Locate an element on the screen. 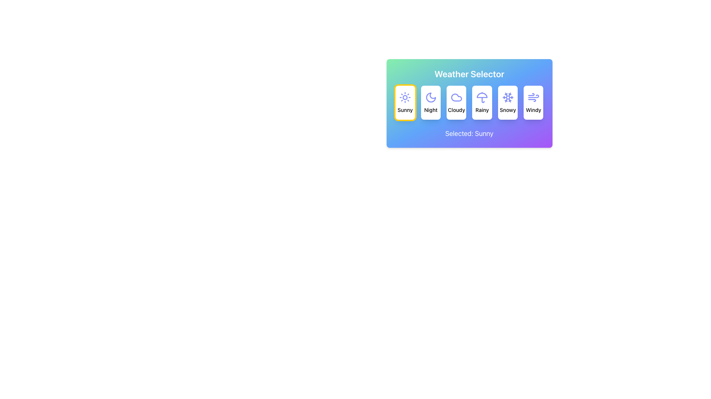  the semi-circular blue umbrella icon representing 'Rainy' weather is located at coordinates (482, 95).